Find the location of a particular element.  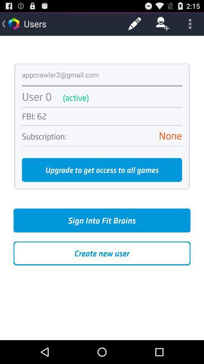

appcrawler2@gmail.com icon is located at coordinates (60, 75).